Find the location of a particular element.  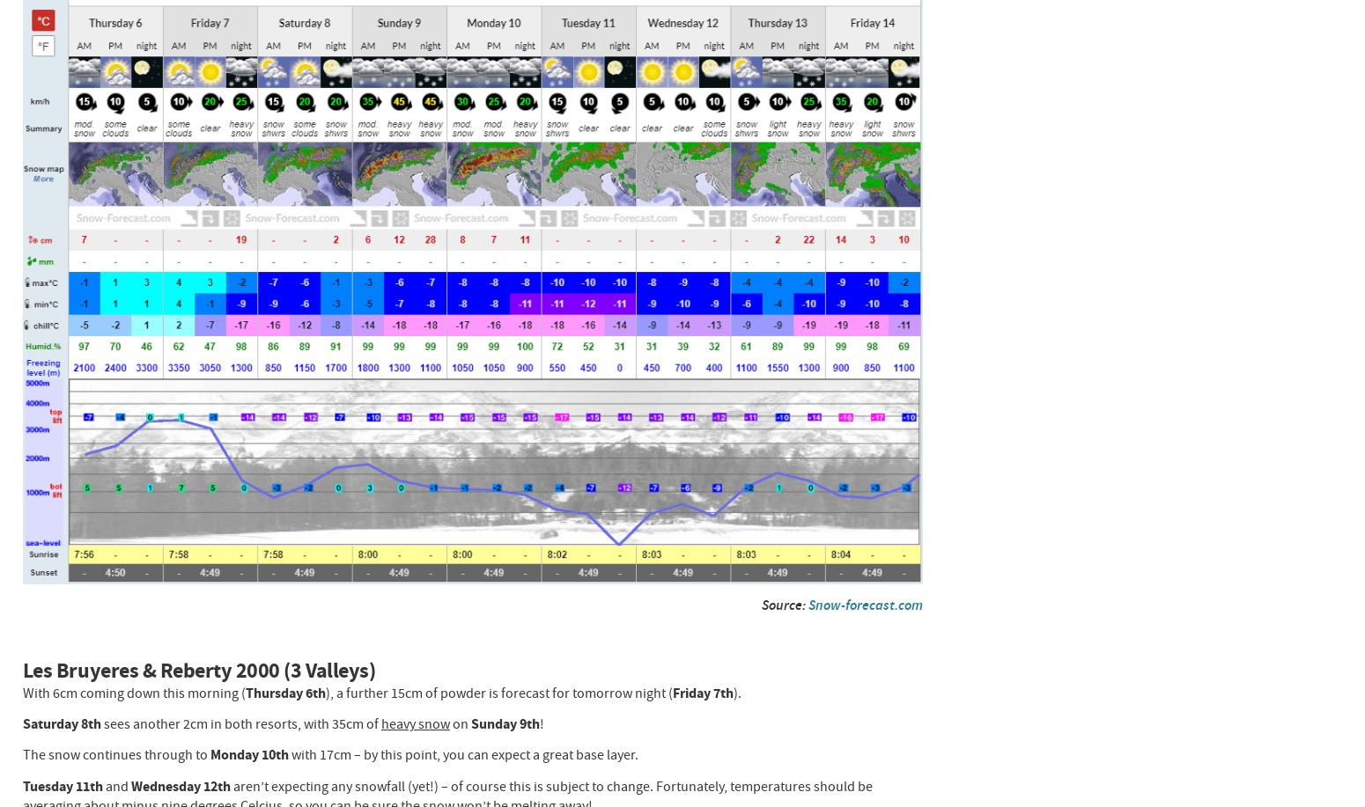

'Les Bruyeres & Reberty 2000 (3 Valleys)' is located at coordinates (197, 669).